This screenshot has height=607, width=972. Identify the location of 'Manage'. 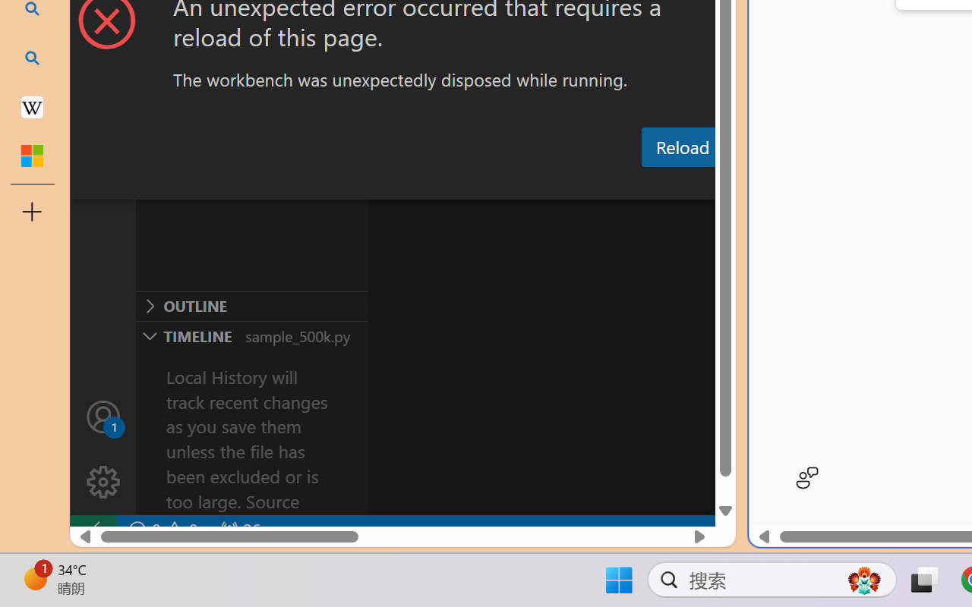
(102, 481).